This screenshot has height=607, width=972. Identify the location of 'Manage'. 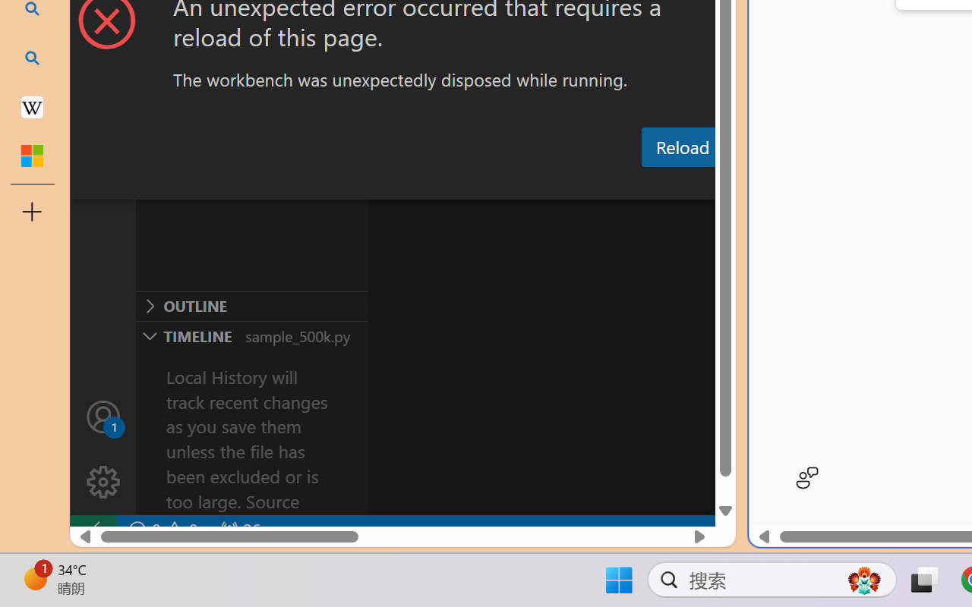
(102, 481).